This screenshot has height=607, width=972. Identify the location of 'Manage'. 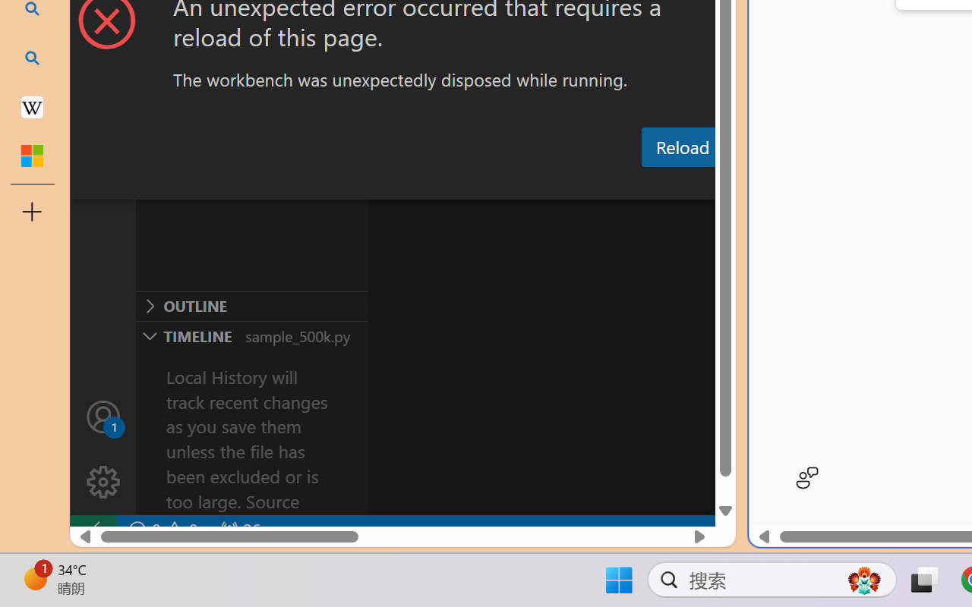
(102, 481).